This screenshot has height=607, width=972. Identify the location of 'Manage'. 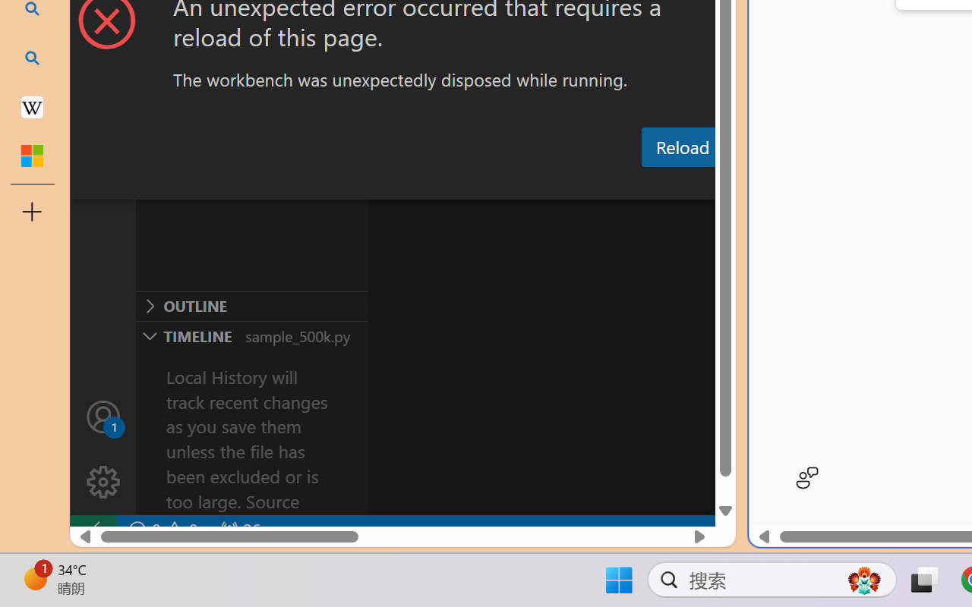
(102, 481).